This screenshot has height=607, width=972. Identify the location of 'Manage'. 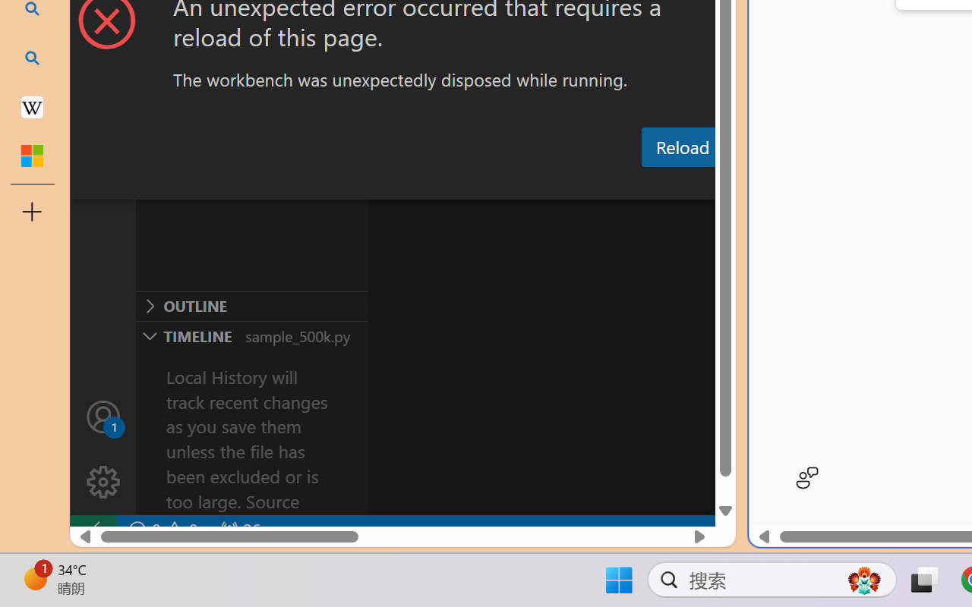
(102, 481).